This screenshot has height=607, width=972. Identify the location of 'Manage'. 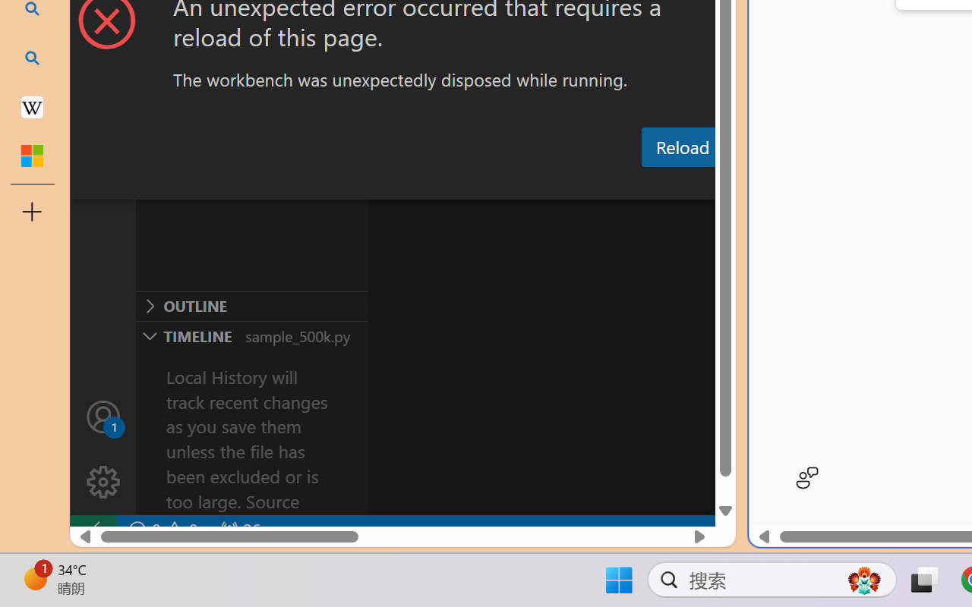
(102, 481).